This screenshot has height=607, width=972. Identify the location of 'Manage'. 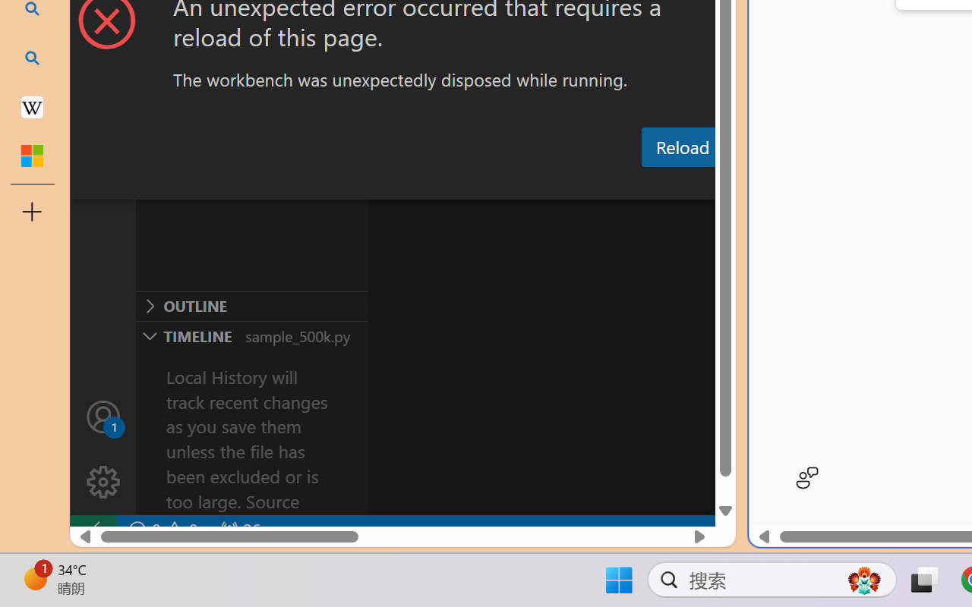
(102, 481).